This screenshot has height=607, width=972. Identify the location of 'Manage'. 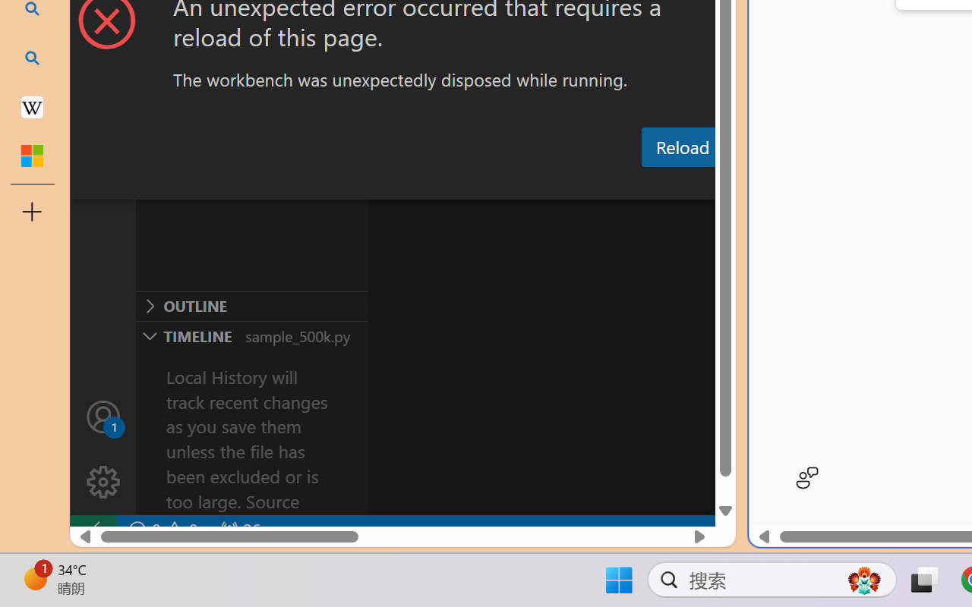
(102, 481).